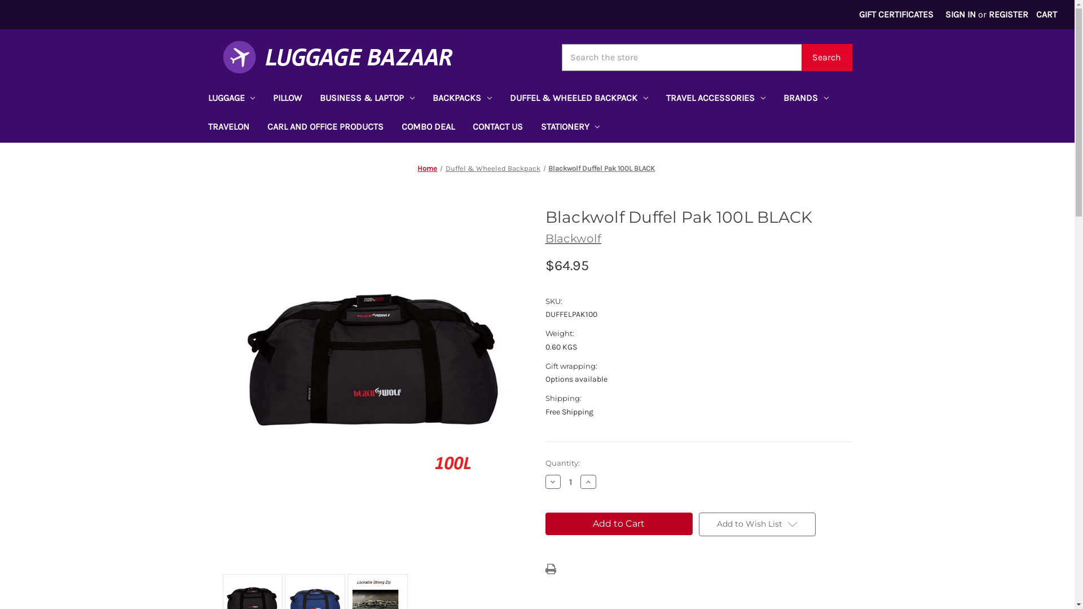 Image resolution: width=1083 pixels, height=609 pixels. What do you see at coordinates (896, 15) in the screenshot?
I see `'GIFT CERTIFICATES'` at bounding box center [896, 15].